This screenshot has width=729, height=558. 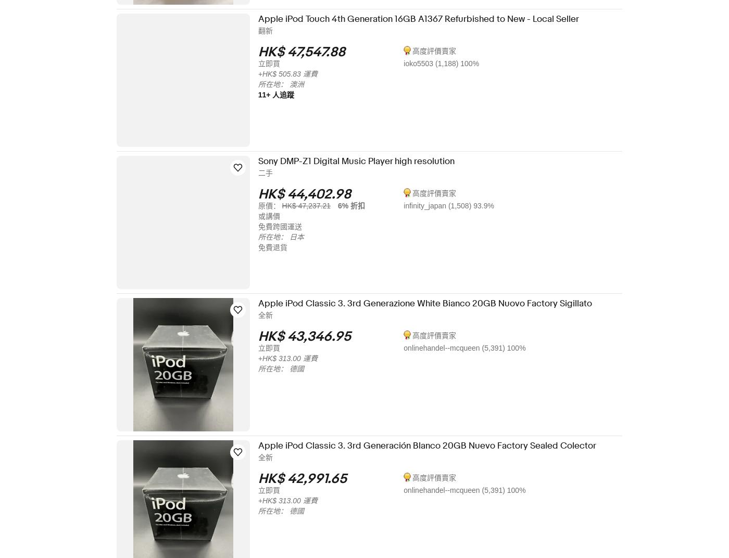 I want to click on 'Apple iPod Classic 3. 3rd Generación Blanco 20GB Nuevo Factory Sealed Colector', so click(x=434, y=445).